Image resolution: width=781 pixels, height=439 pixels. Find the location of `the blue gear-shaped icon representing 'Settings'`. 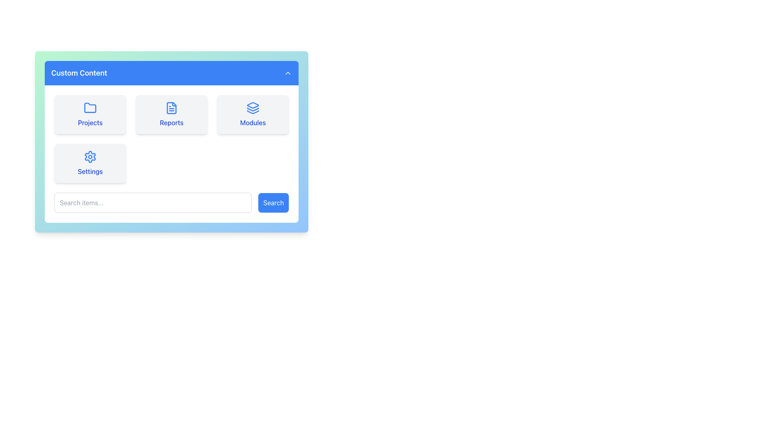

the blue gear-shaped icon representing 'Settings' is located at coordinates (90, 156).